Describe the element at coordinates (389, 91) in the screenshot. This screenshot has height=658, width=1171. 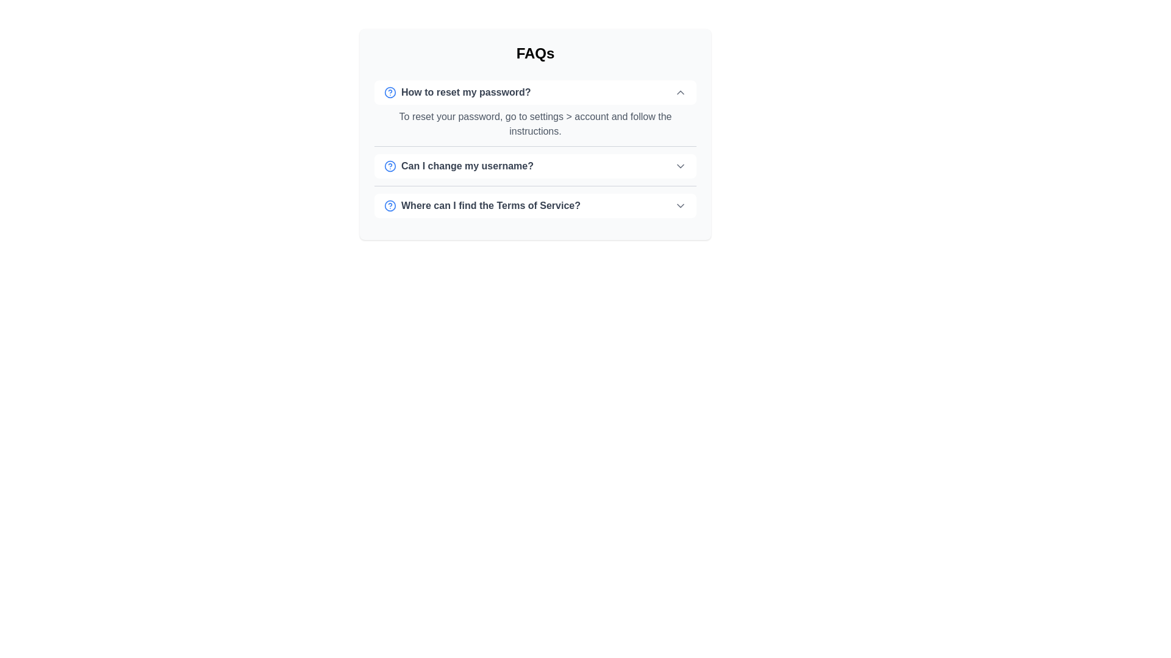
I see `the help icon located at the far left of the question header 'How to reset my password?' in the FAQ section` at that location.